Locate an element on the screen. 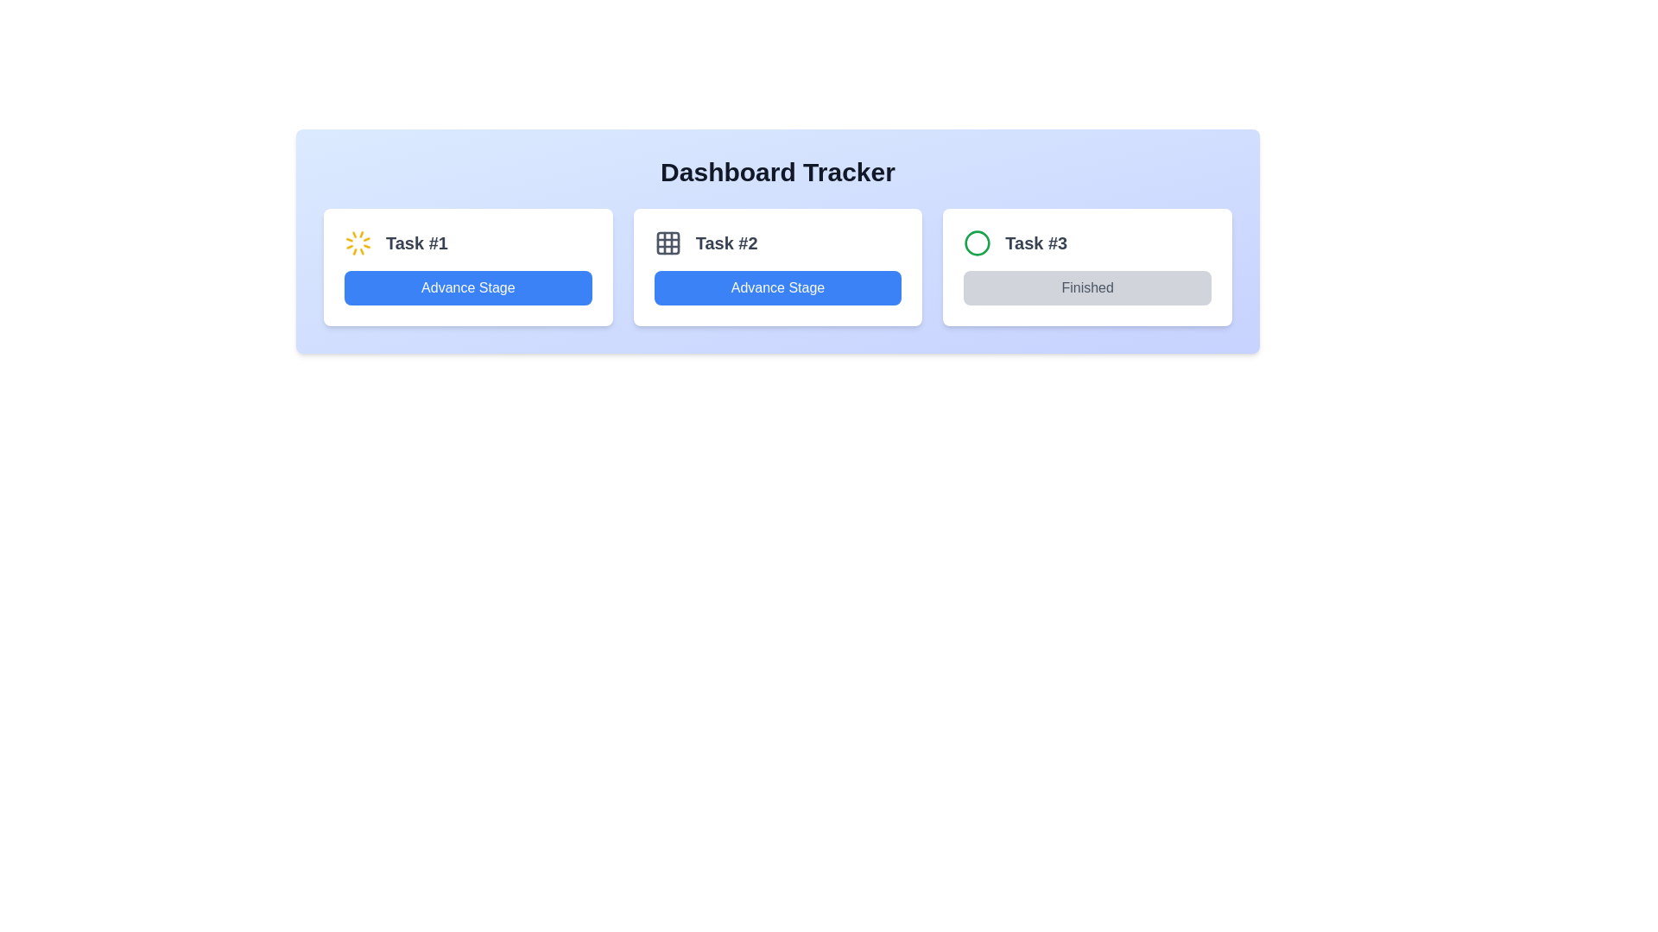 The height and width of the screenshot is (932, 1658). the top-left decorative square of the 3x3 grid icon associated with Task #2 card, which is the second task card displayed at the top of the interface is located at coordinates (667, 242).